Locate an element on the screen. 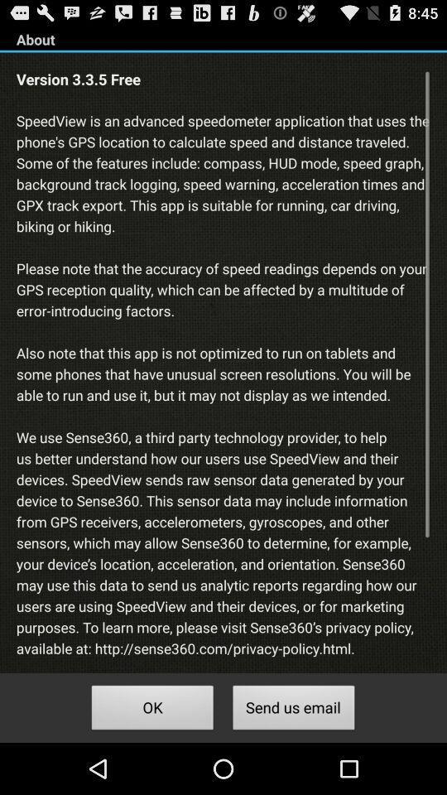  the icon below the speedview is an item is located at coordinates (293, 709).